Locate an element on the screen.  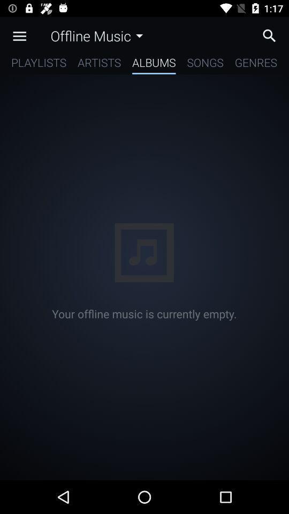
songs icon is located at coordinates (205, 64).